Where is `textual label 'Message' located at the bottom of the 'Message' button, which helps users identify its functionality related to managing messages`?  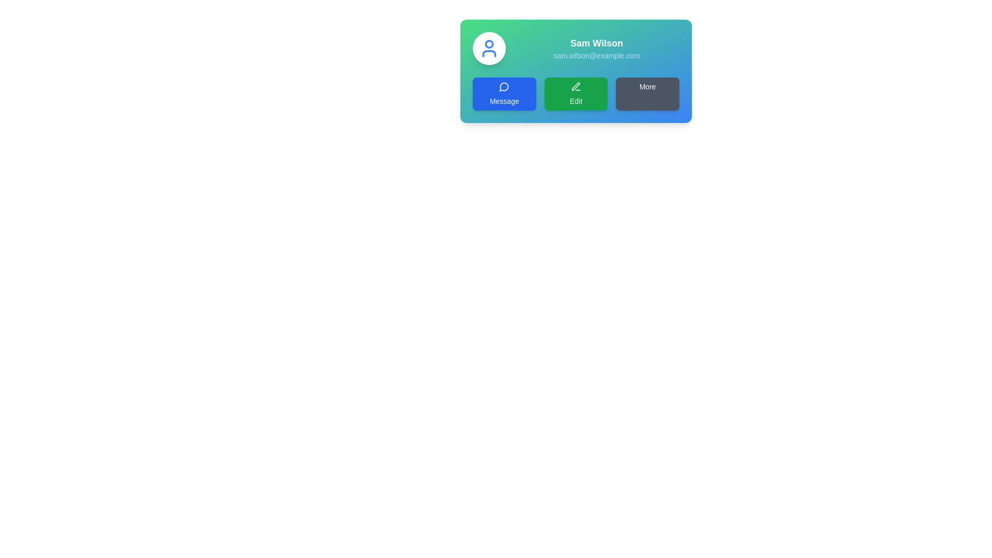 textual label 'Message' located at the bottom of the 'Message' button, which helps users identify its functionality related to managing messages is located at coordinates (504, 101).